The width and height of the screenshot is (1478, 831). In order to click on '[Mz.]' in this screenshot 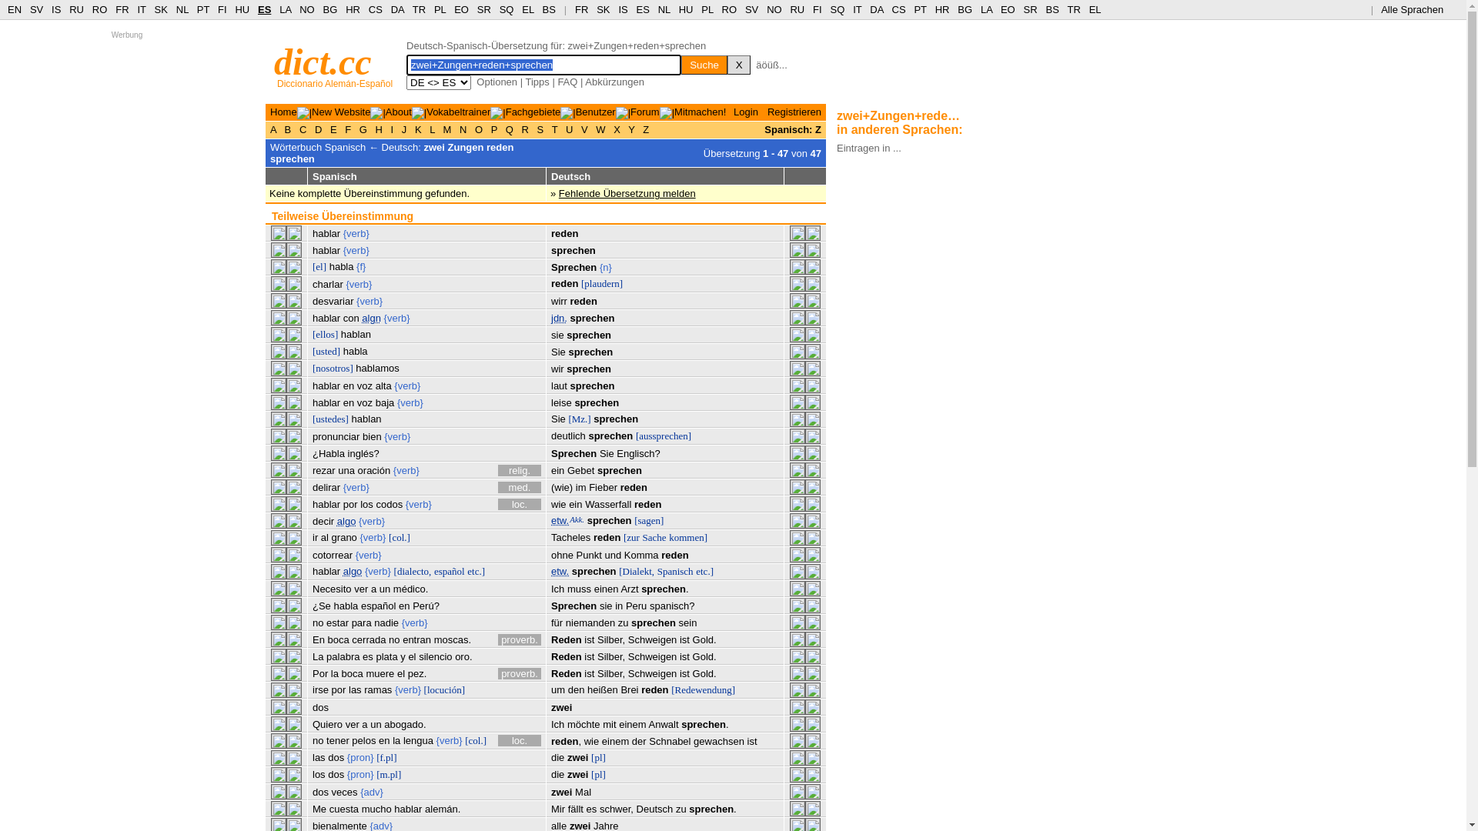, I will do `click(567, 419)`.